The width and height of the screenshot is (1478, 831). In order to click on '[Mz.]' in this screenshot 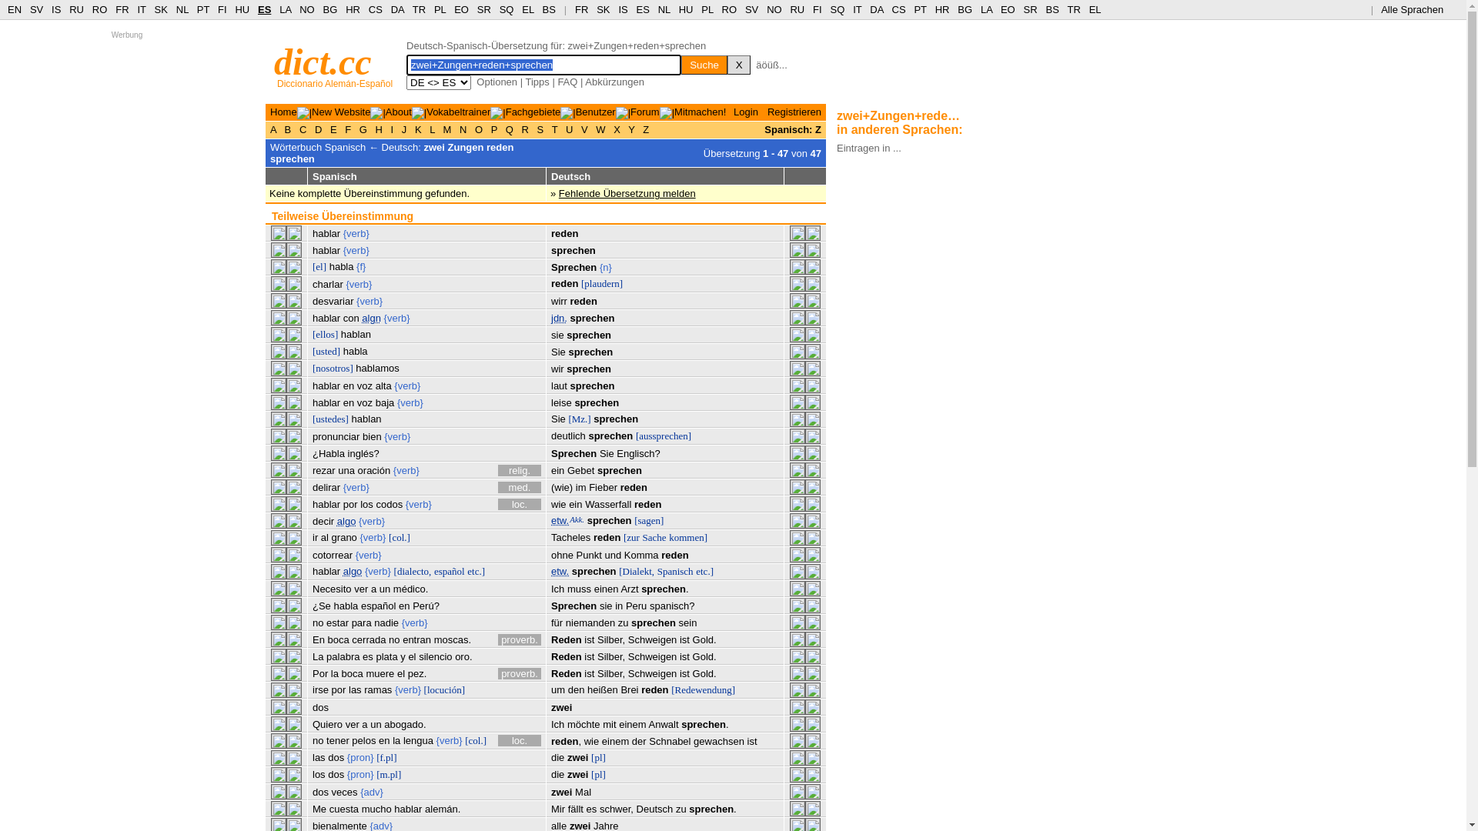, I will do `click(567, 419)`.